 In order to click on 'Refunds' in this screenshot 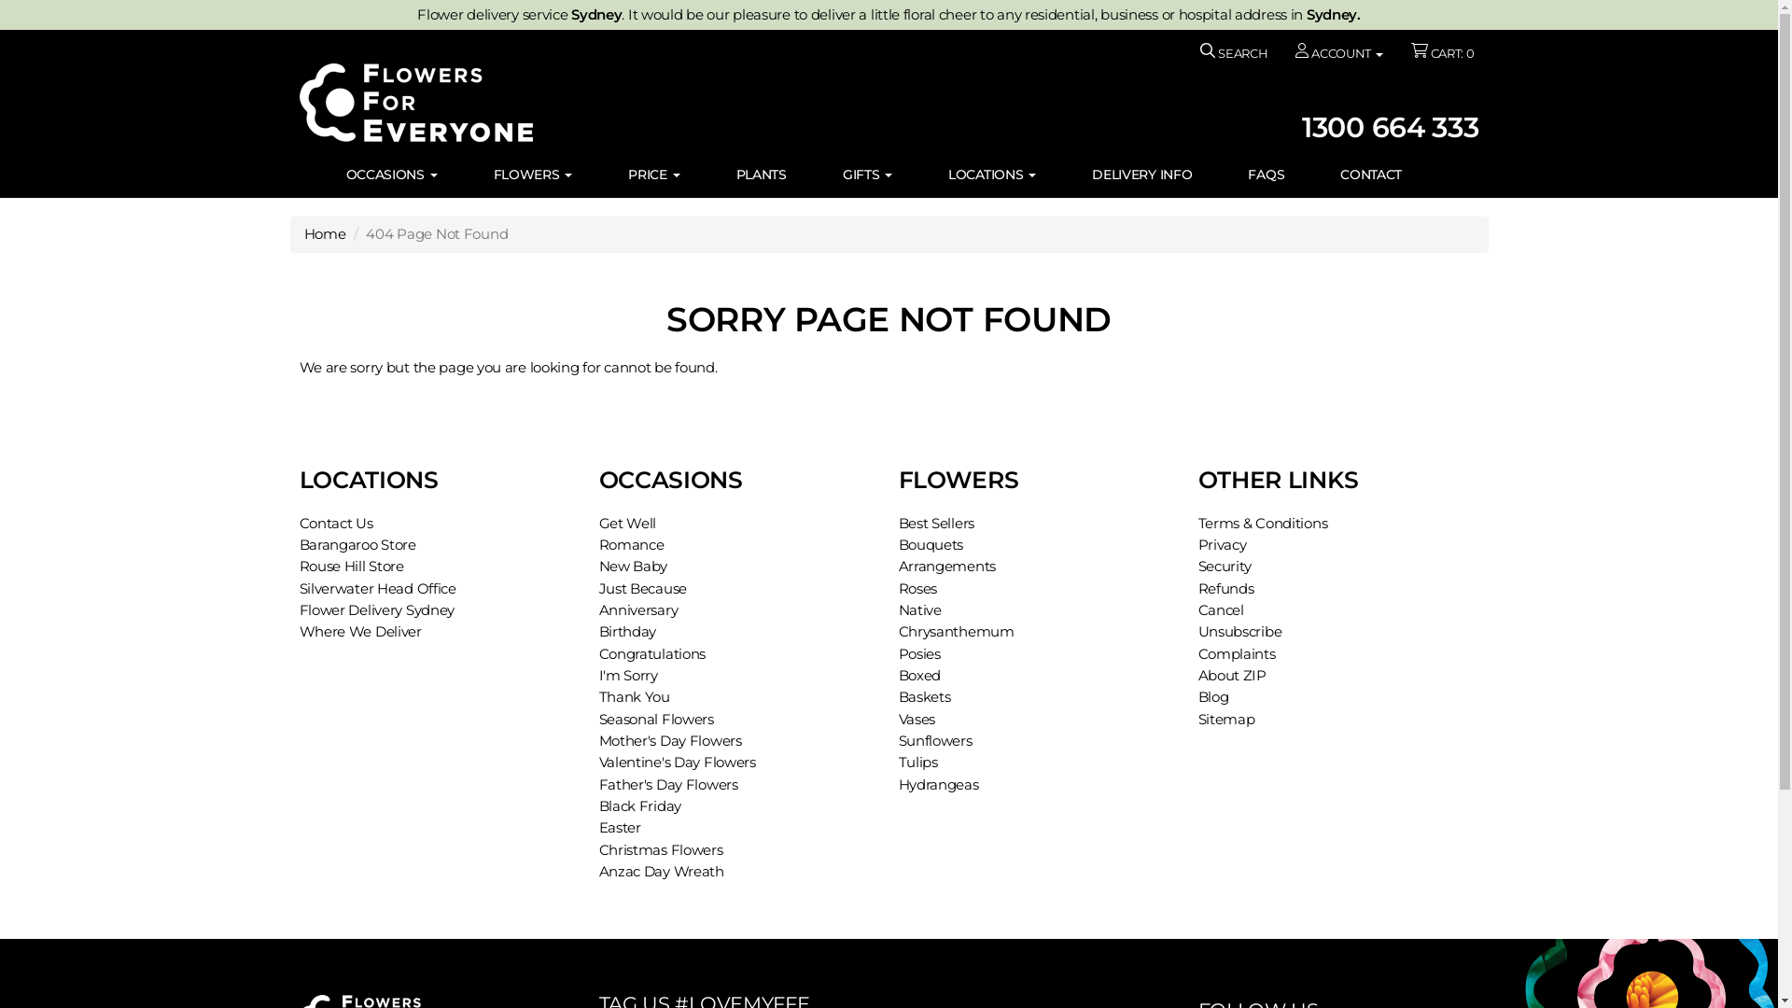, I will do `click(1197, 589)`.